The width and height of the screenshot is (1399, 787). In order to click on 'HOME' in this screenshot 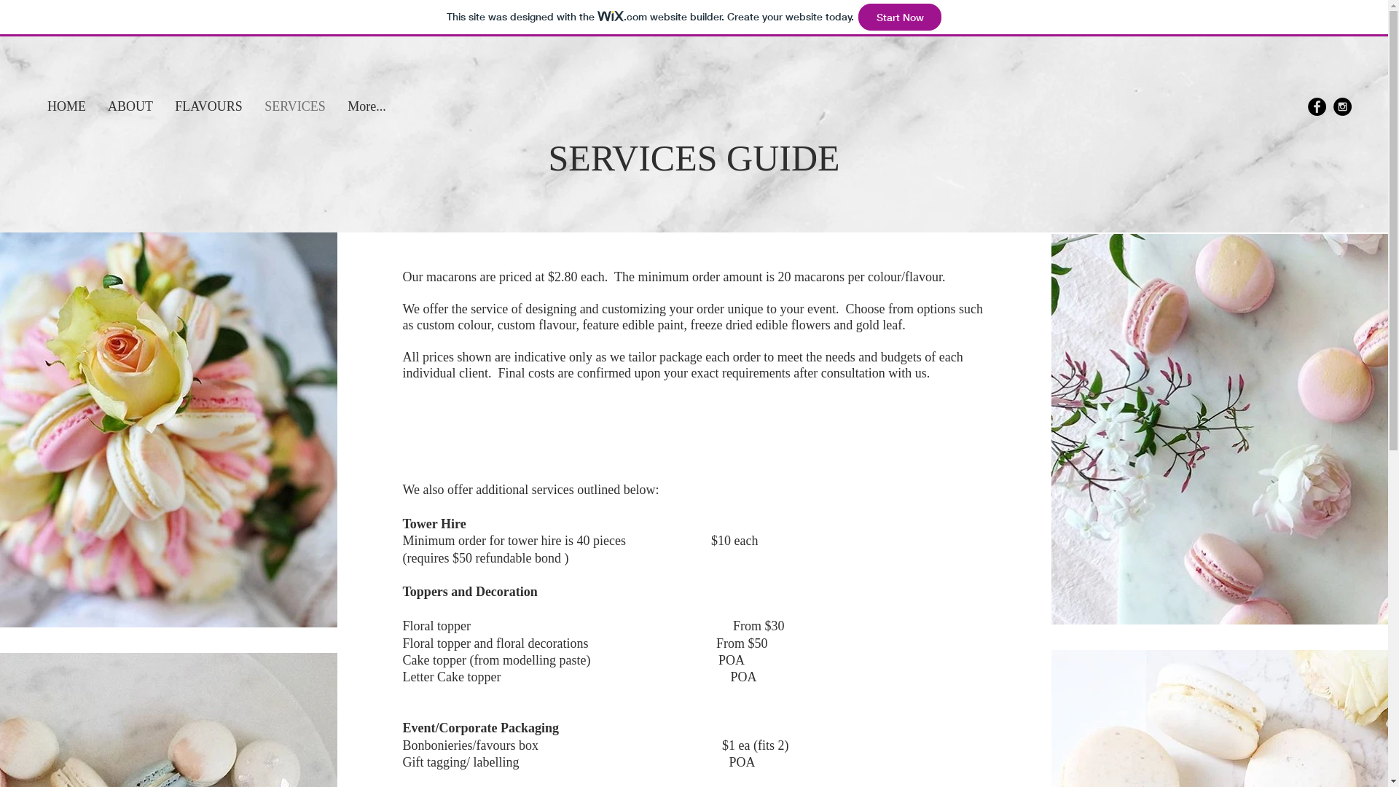, I will do `click(66, 106)`.